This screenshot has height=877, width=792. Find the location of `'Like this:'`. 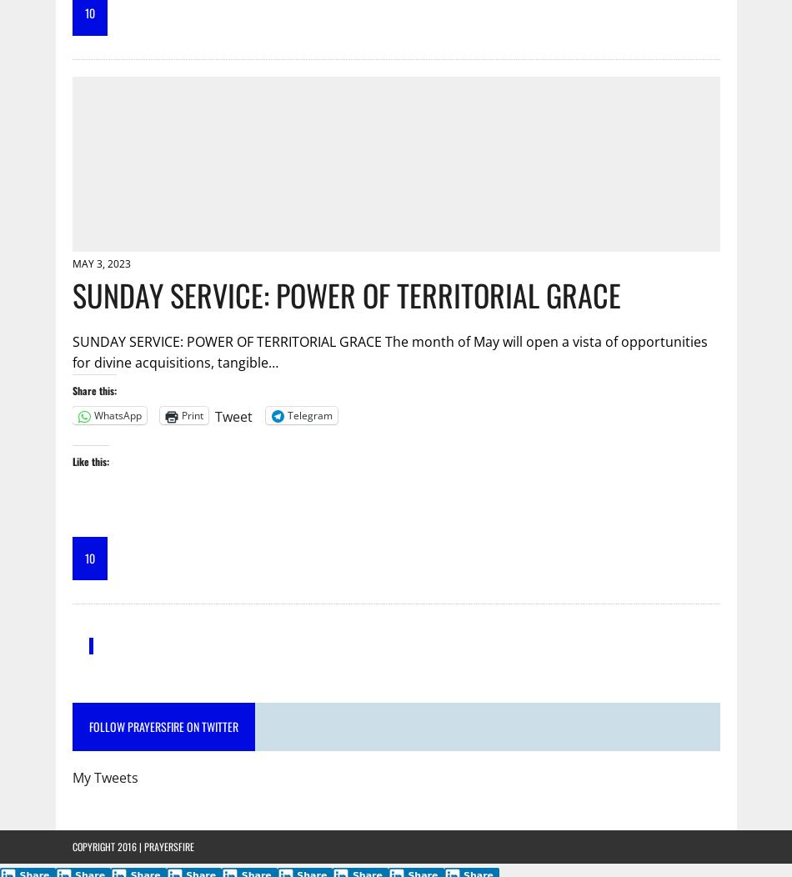

'Like this:' is located at coordinates (90, 461).